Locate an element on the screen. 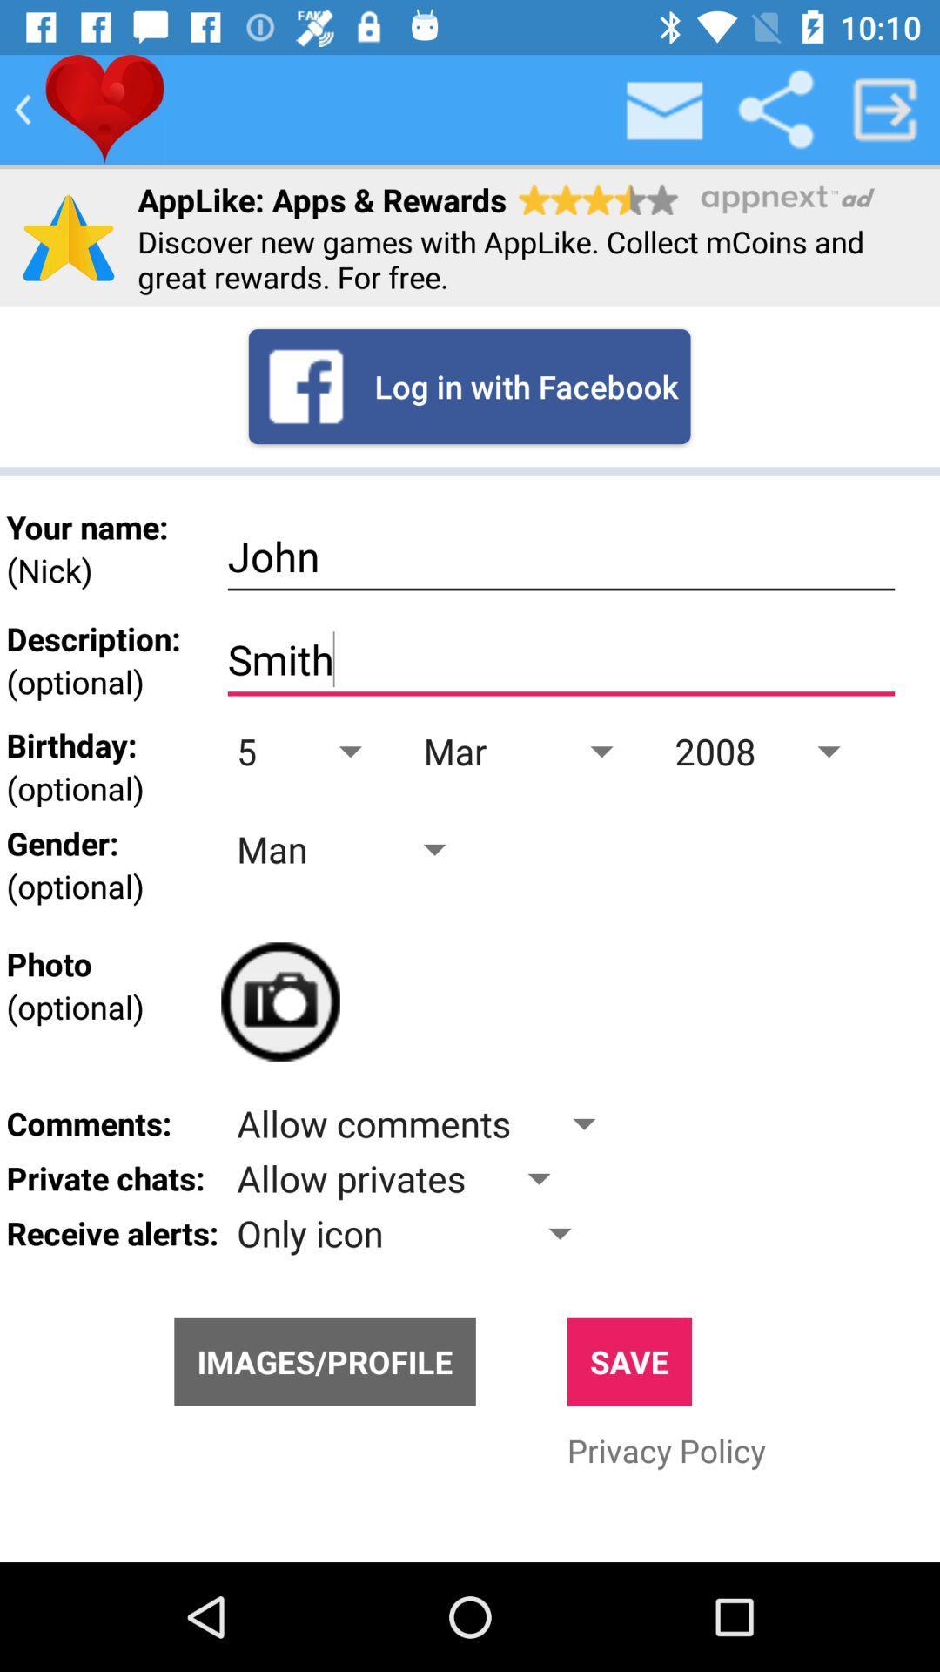  go forward is located at coordinates (885, 108).